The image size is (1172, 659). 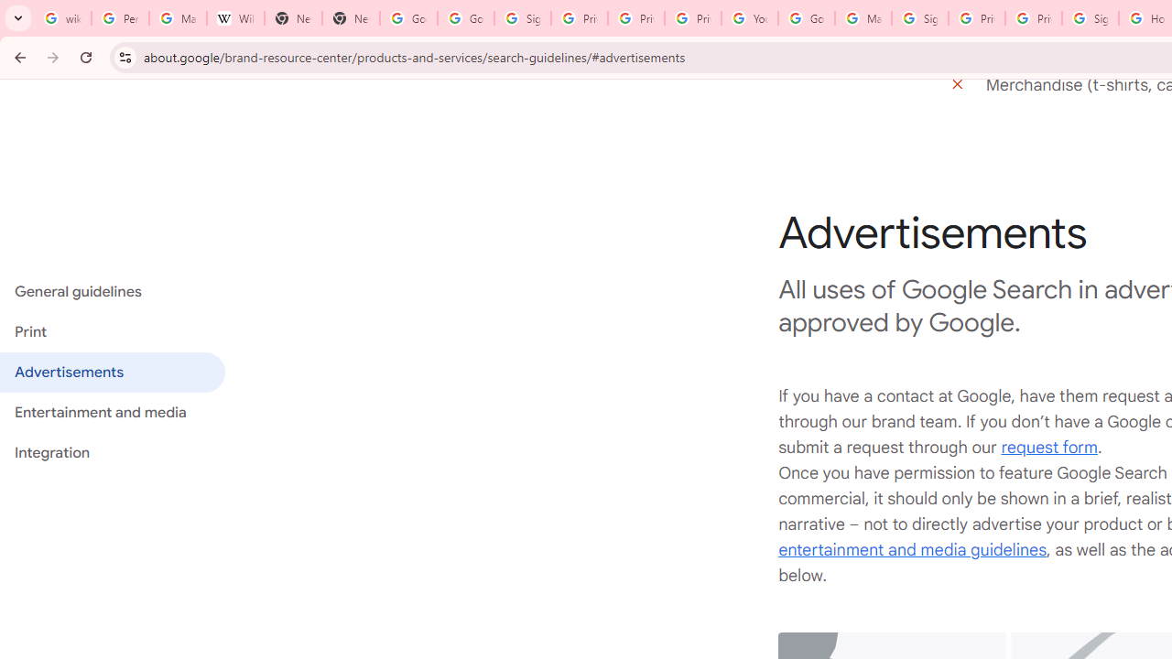 I want to click on 'Personalization & Google Search results - Google Search Help', so click(x=119, y=18).